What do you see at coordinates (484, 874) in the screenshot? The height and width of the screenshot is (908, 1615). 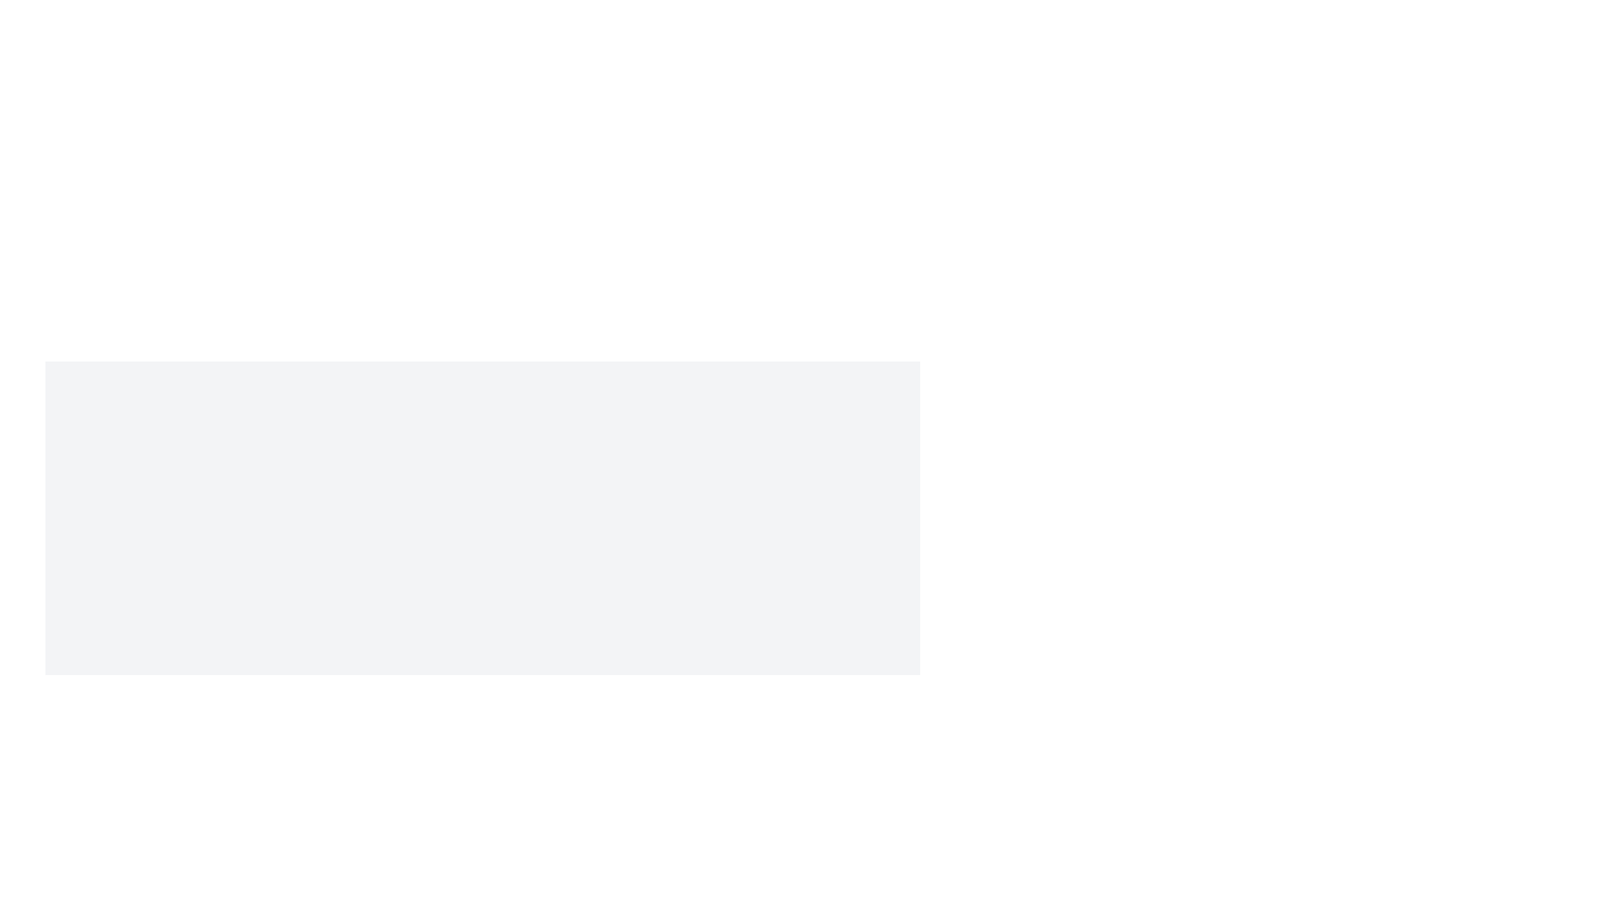 I see `notification box that displays 'Update Successful' with the message 'Your profile information has been updated.'` at bounding box center [484, 874].